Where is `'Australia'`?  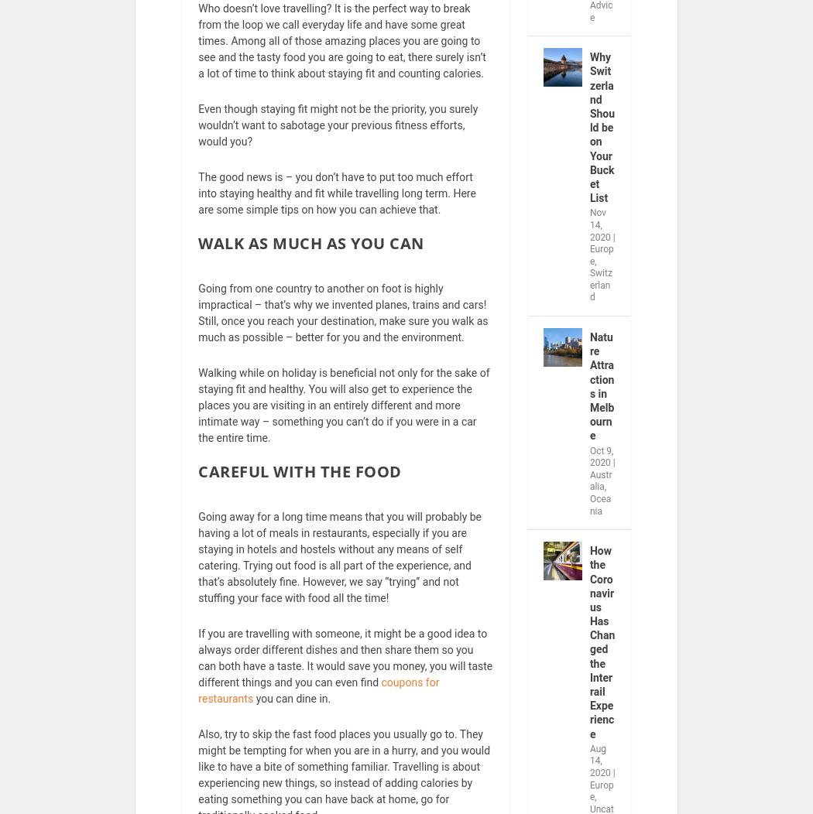 'Australia' is located at coordinates (600, 491).